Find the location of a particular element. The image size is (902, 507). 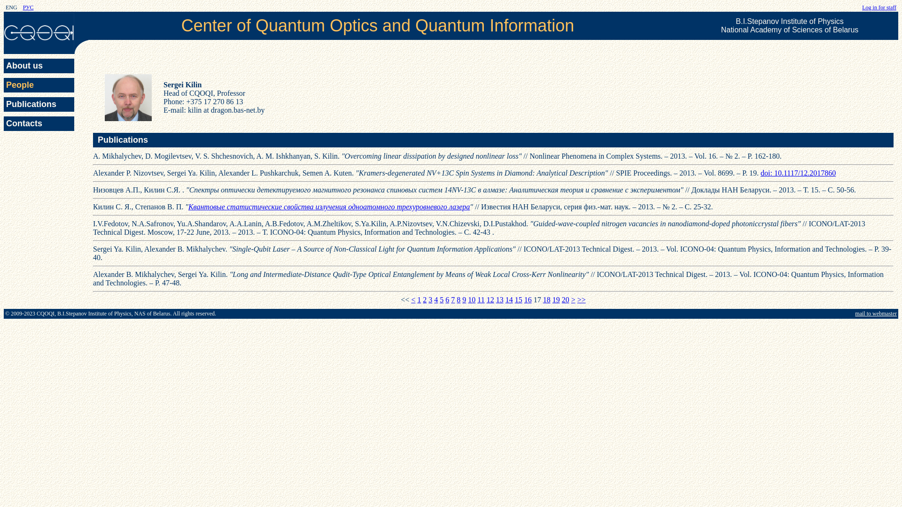

'18' is located at coordinates (546, 300).